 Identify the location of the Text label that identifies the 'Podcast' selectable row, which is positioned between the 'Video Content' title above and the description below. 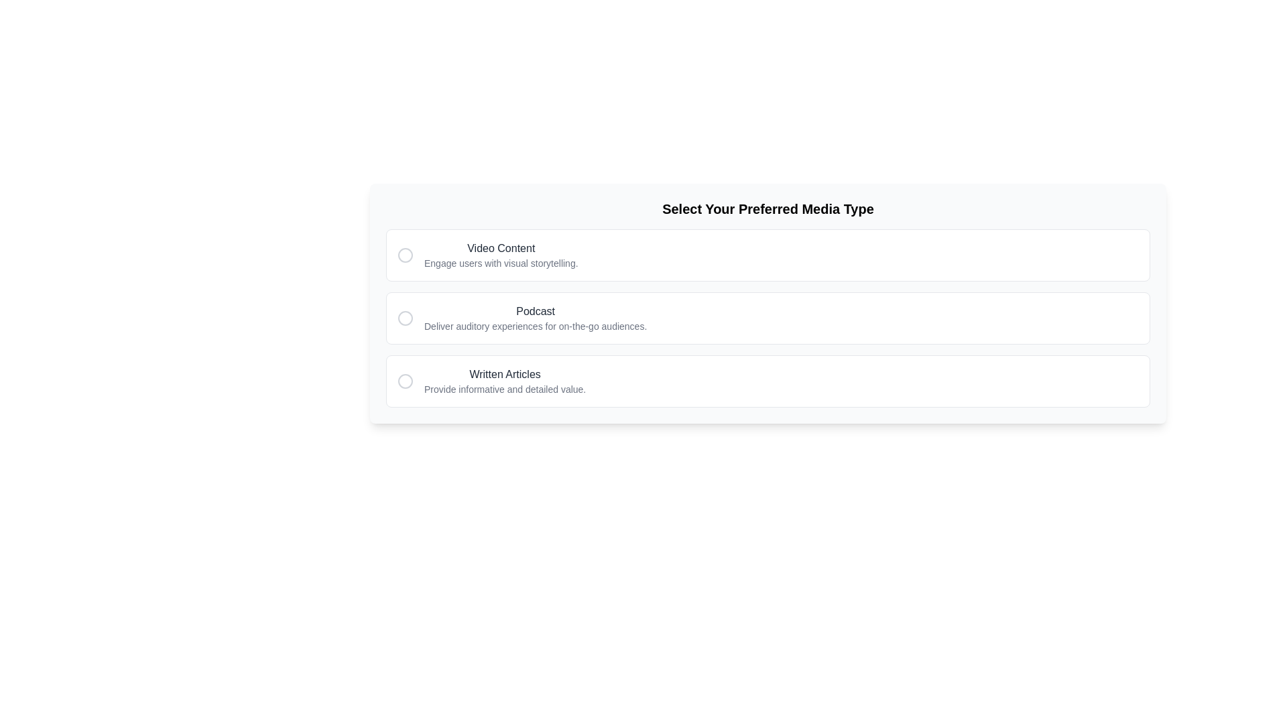
(535, 312).